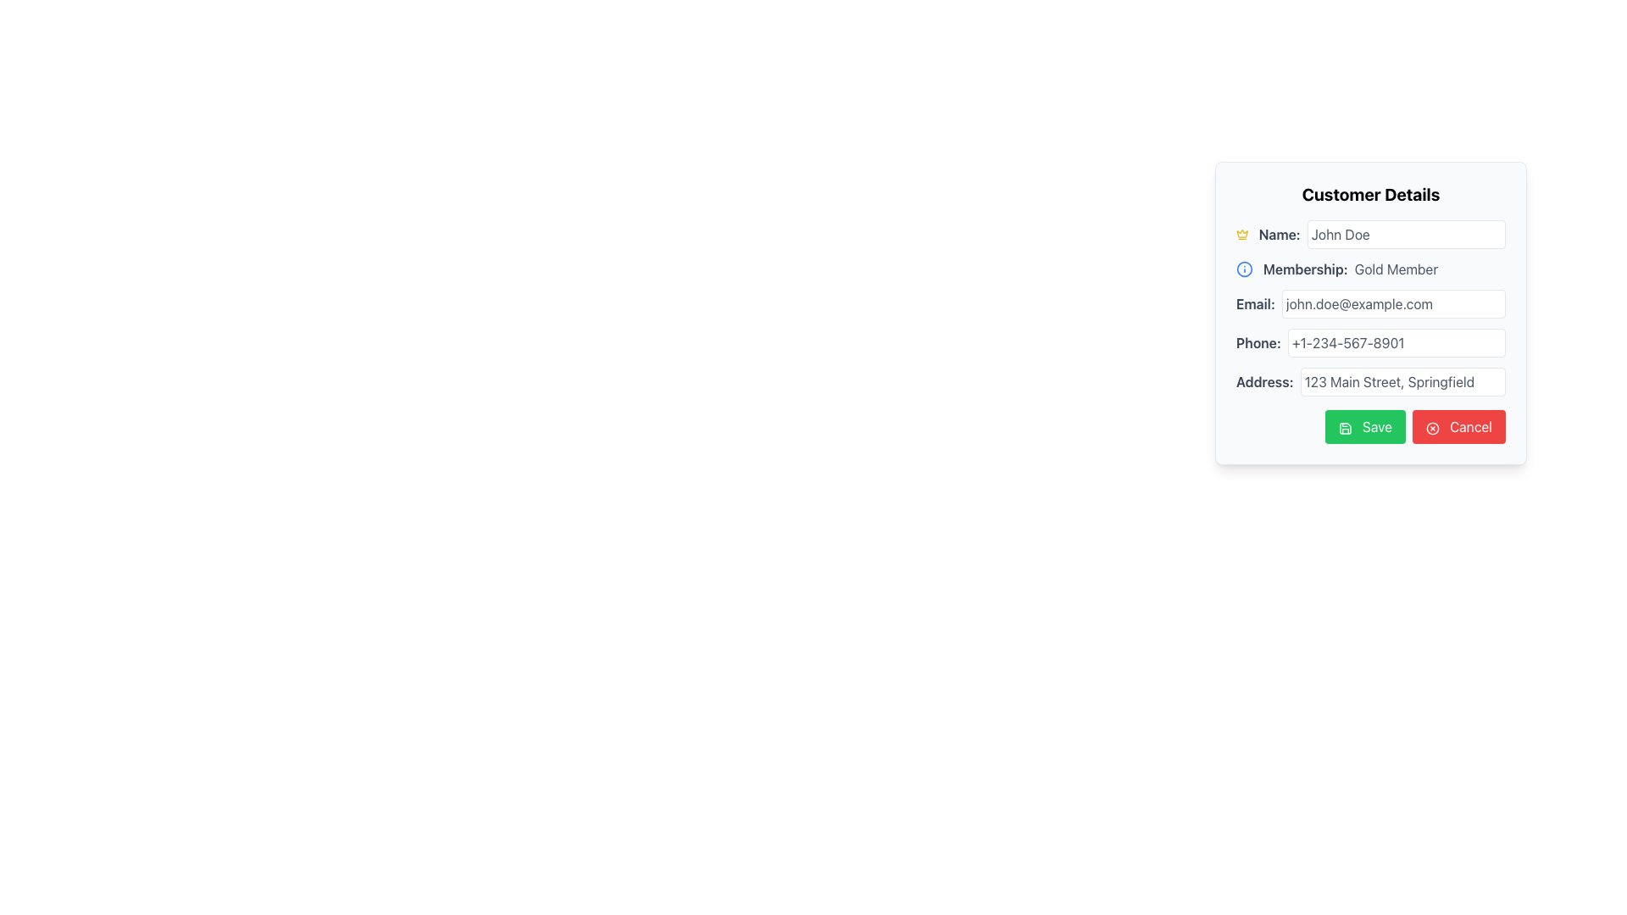  I want to click on the email input field labeled 'Email:' which contains the default email address 'john.doe@example.com' to select the text, so click(1370, 302).